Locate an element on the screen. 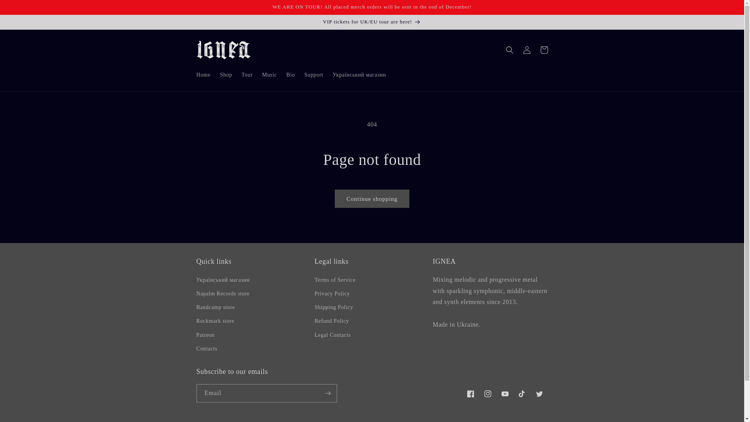 The height and width of the screenshot is (422, 750). 'Terms of Service' is located at coordinates (335, 280).